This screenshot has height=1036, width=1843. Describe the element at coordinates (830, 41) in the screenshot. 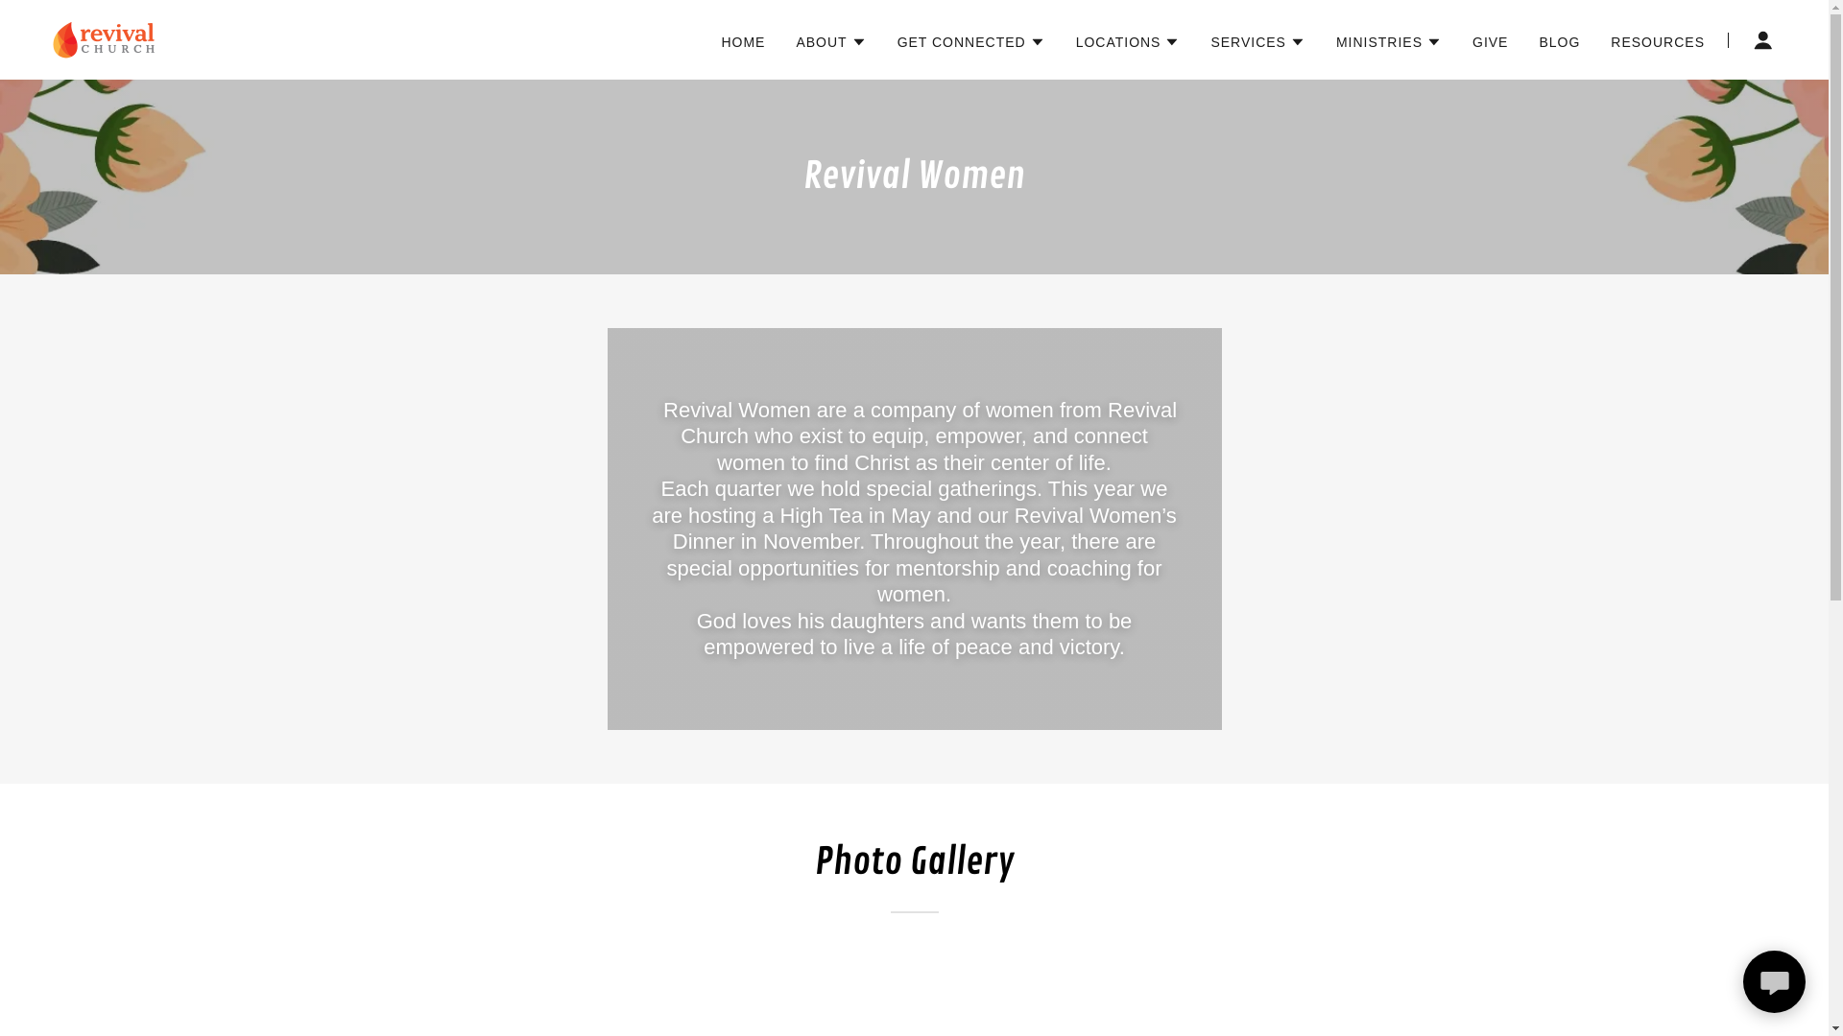

I see `'ABOUT'` at that location.